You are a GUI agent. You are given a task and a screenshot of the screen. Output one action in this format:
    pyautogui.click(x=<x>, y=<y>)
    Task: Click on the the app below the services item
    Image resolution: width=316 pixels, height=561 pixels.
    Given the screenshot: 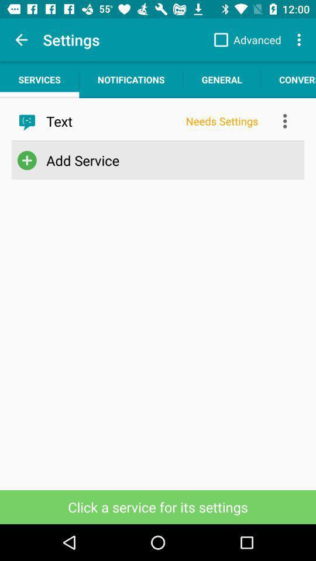 What is the action you would take?
    pyautogui.click(x=112, y=121)
    